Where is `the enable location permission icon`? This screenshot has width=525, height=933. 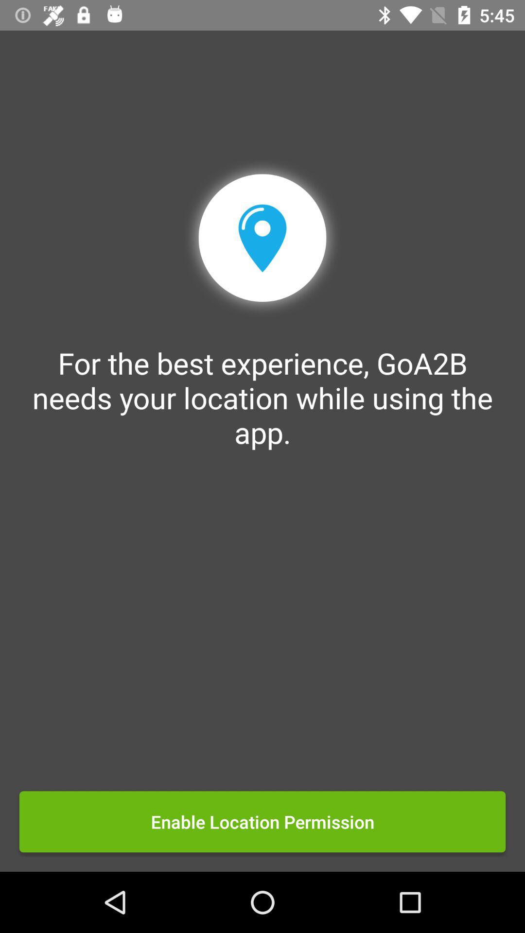
the enable location permission icon is located at coordinates (262, 821).